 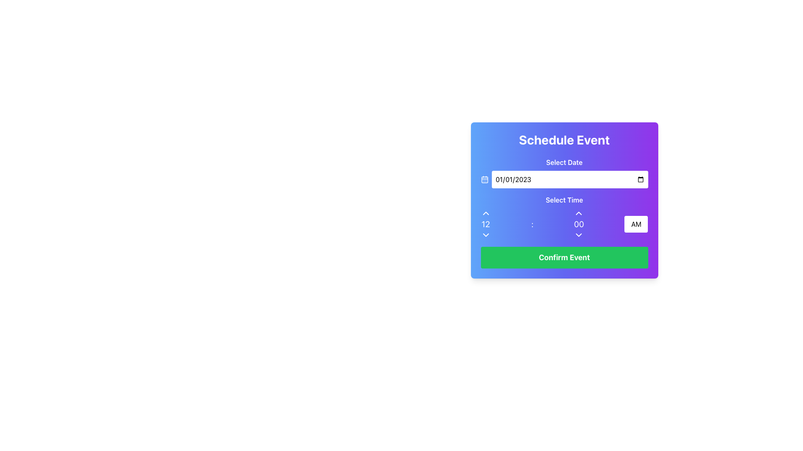 What do you see at coordinates (636, 223) in the screenshot?
I see `the 'AM' button` at bounding box center [636, 223].